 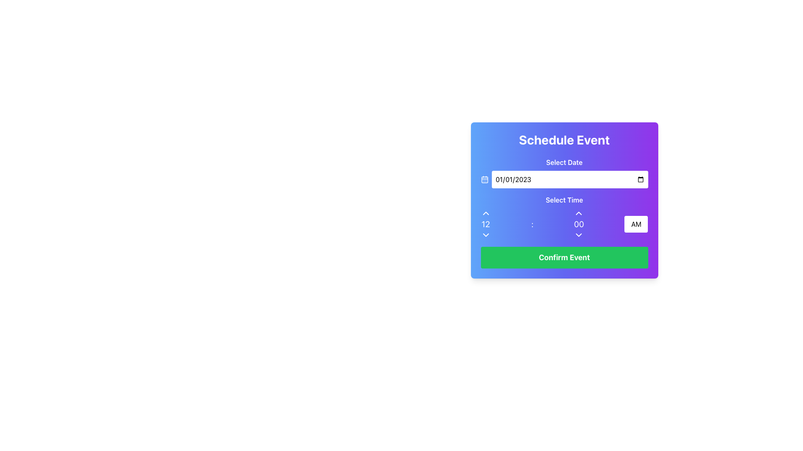 What do you see at coordinates (636, 223) in the screenshot?
I see `the 'AM' button` at bounding box center [636, 223].